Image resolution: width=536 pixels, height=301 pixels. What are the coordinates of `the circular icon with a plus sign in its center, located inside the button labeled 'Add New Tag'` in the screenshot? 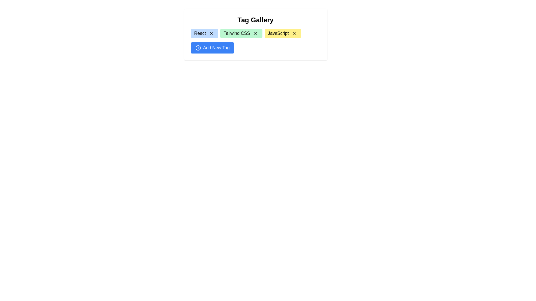 It's located at (198, 48).